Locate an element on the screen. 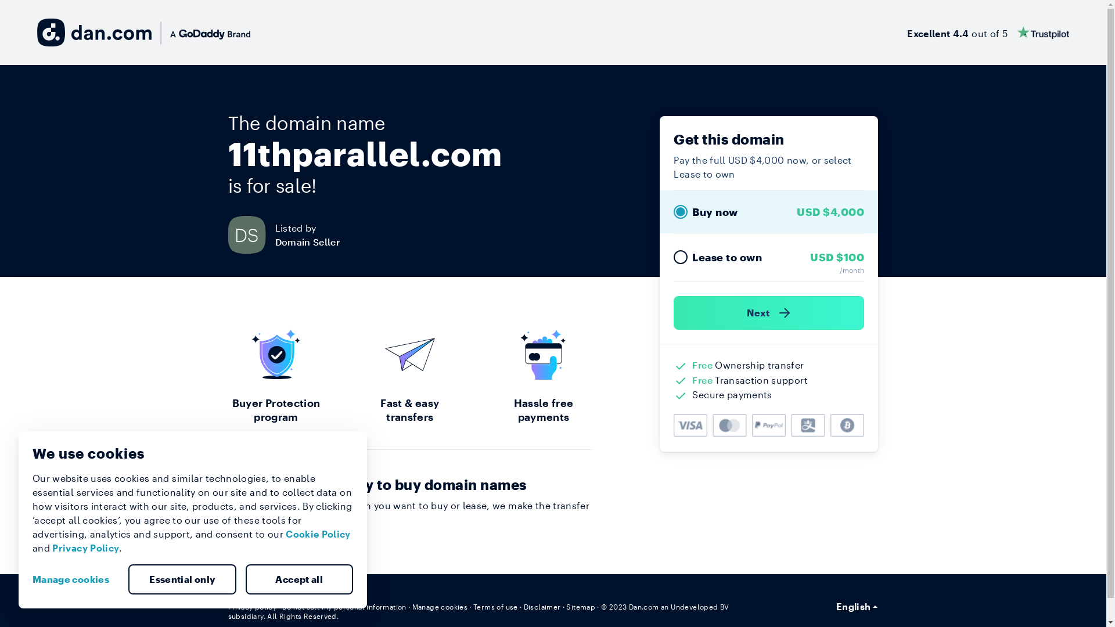 Image resolution: width=1115 pixels, height=627 pixels. 'Next is located at coordinates (769, 312).